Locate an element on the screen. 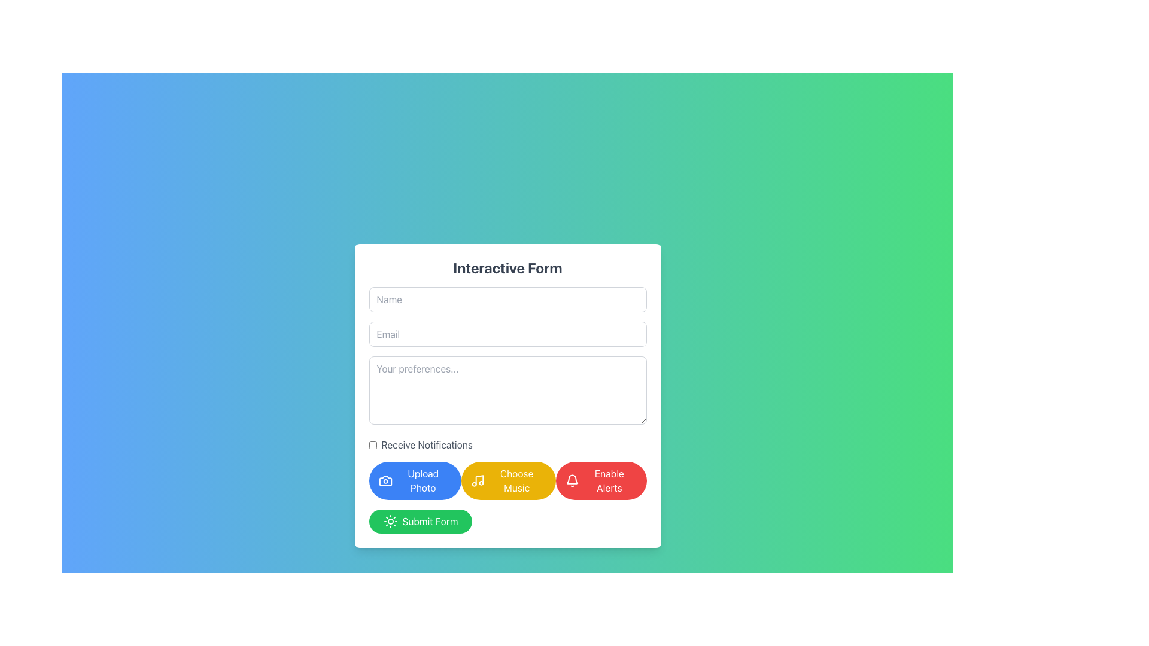 This screenshot has width=1149, height=646. the 'Enable Alerts' button that contains the bell icon is located at coordinates (572, 480).